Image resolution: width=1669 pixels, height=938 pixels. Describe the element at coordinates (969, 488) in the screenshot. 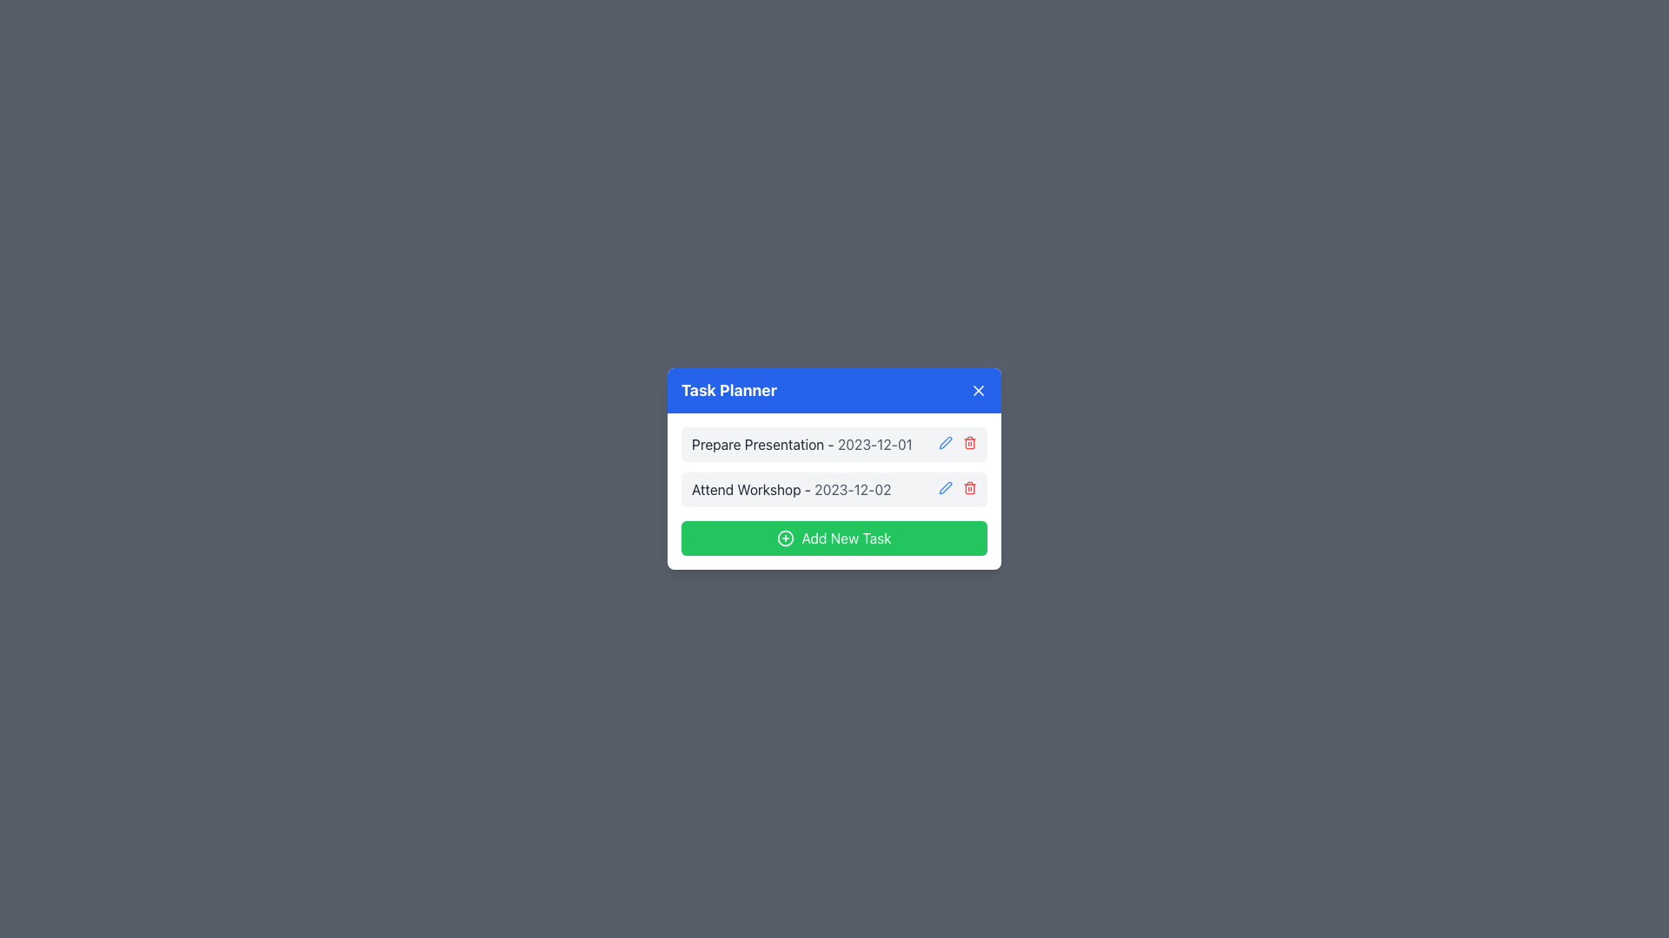

I see `the deletion button located in the second row of tasks within the 'Task Planner' dialog box` at that location.